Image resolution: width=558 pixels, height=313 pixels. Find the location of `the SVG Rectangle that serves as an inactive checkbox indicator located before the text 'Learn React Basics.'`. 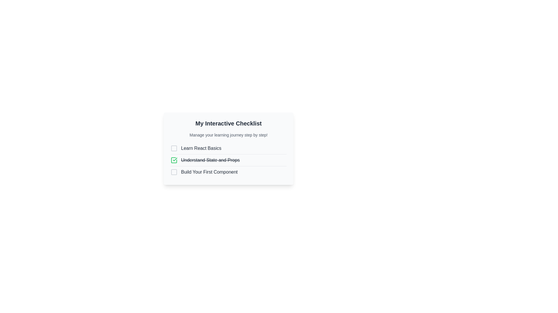

the SVG Rectangle that serves as an inactive checkbox indicator located before the text 'Learn React Basics.' is located at coordinates (174, 148).